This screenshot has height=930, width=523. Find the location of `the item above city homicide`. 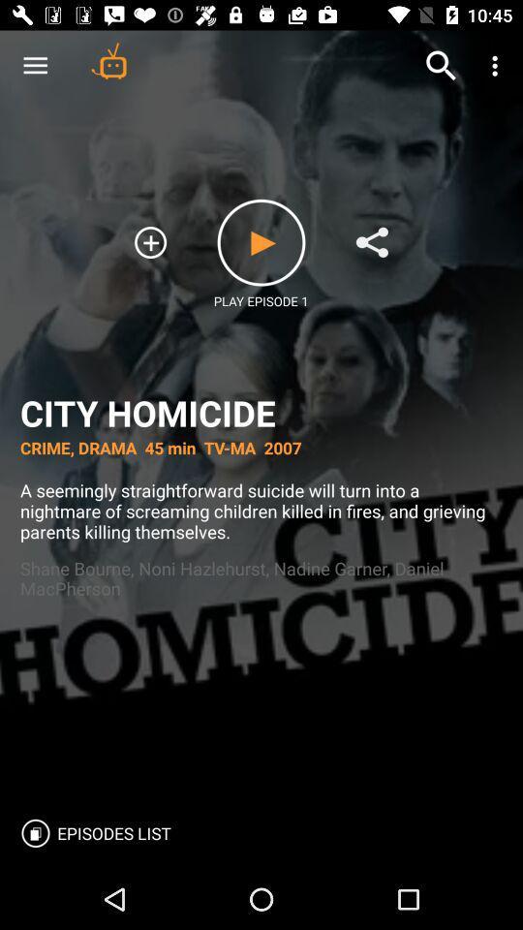

the item above city homicide is located at coordinates (35, 66).